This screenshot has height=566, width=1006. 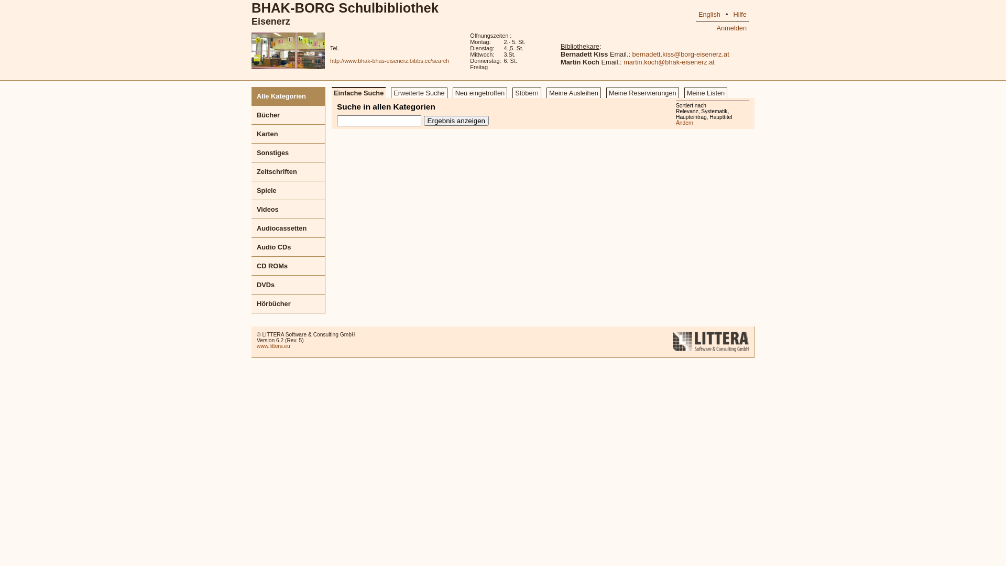 I want to click on 'Meine Reservierungen', so click(x=642, y=92).